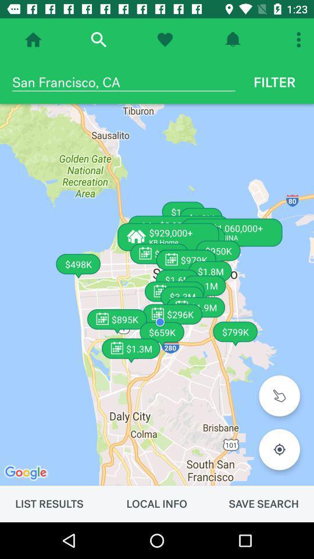 This screenshot has width=314, height=559. What do you see at coordinates (48, 503) in the screenshot?
I see `list results item` at bounding box center [48, 503].